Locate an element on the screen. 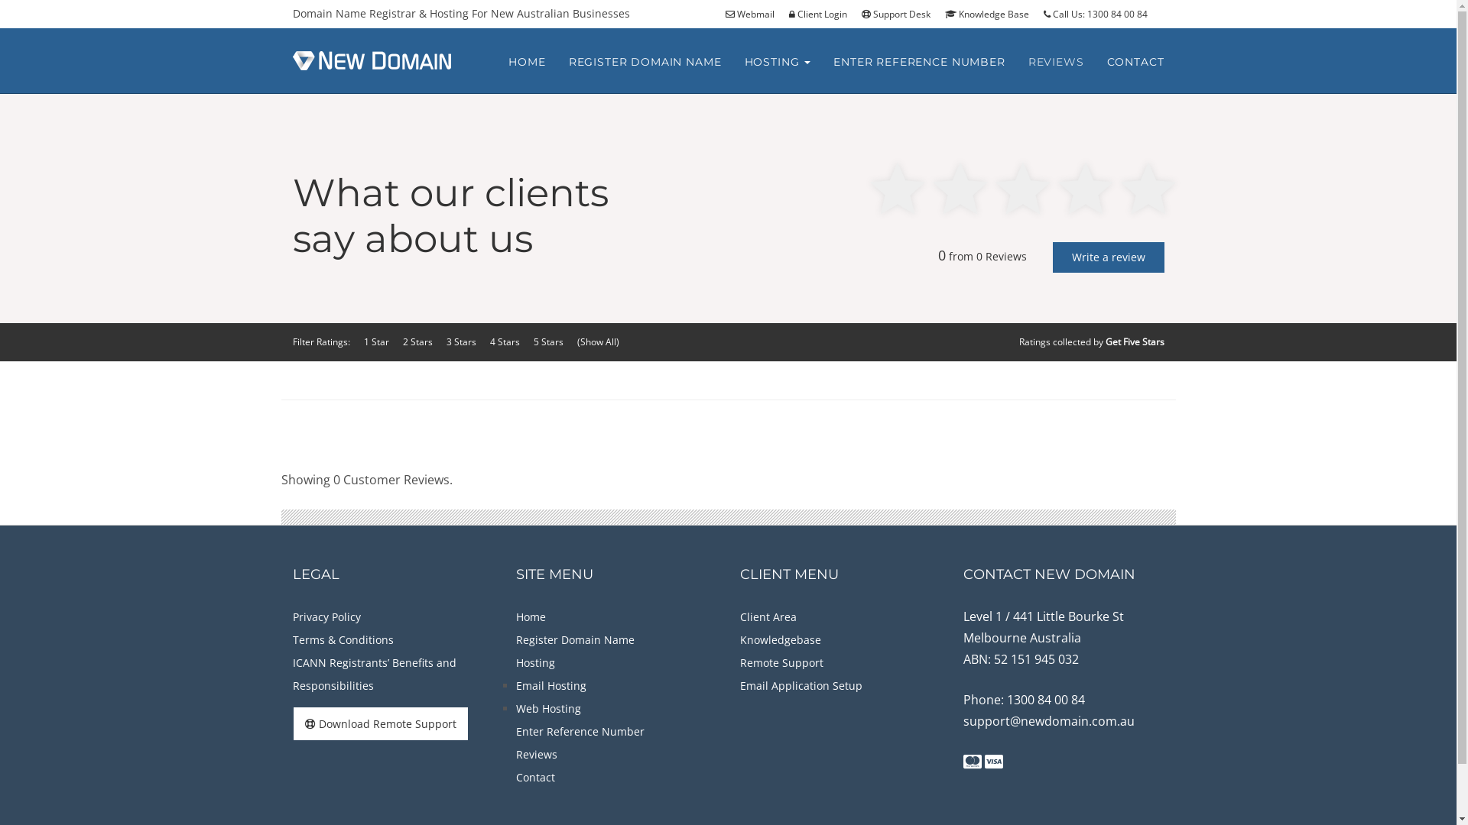  '2 Stars' is located at coordinates (417, 341).